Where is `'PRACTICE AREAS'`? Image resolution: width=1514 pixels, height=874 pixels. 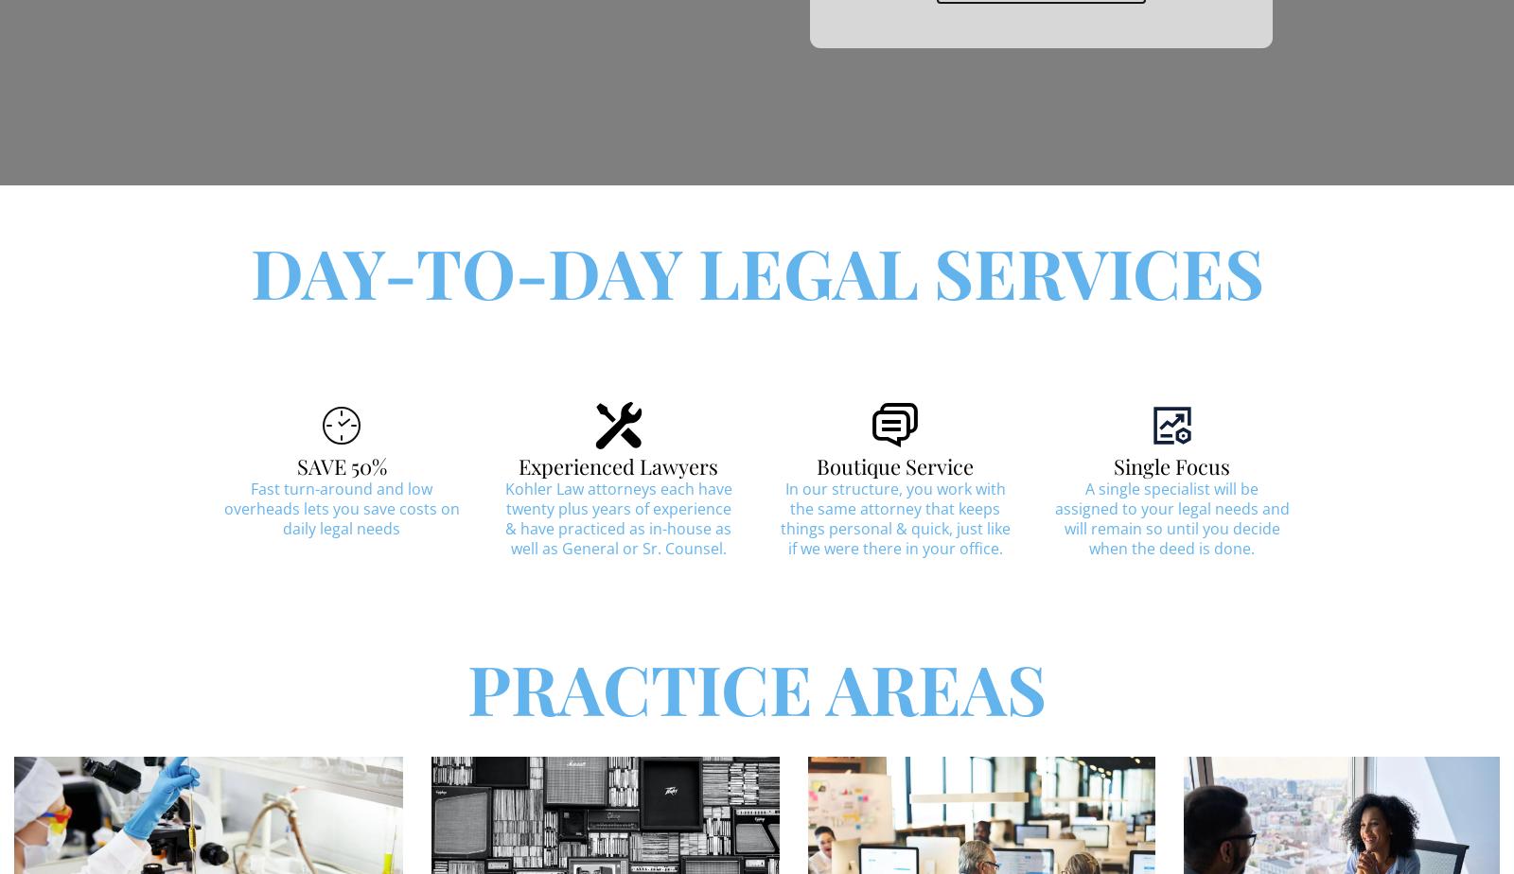
'PRACTICE AREAS' is located at coordinates (757, 688).